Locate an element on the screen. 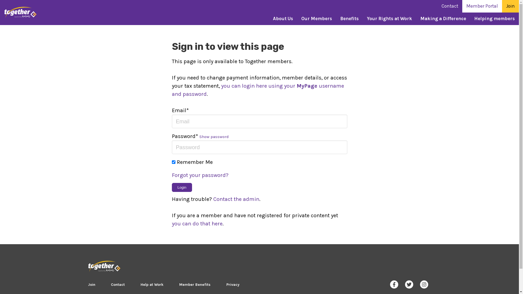 The width and height of the screenshot is (523, 294). 'About Us' is located at coordinates (283, 19).